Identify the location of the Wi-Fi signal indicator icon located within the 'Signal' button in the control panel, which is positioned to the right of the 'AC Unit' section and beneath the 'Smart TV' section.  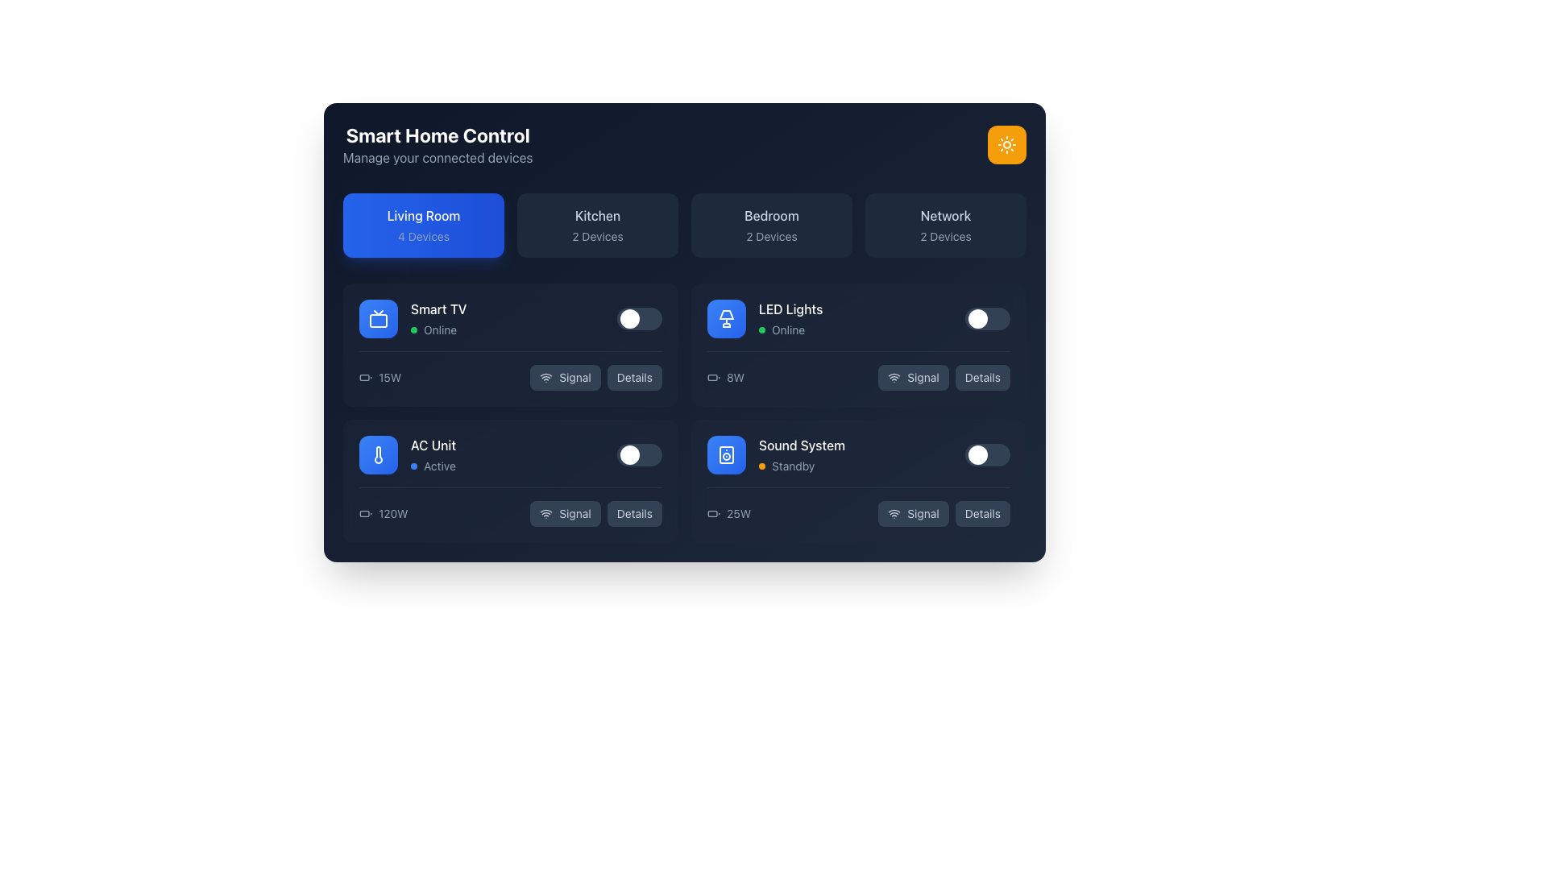
(546, 378).